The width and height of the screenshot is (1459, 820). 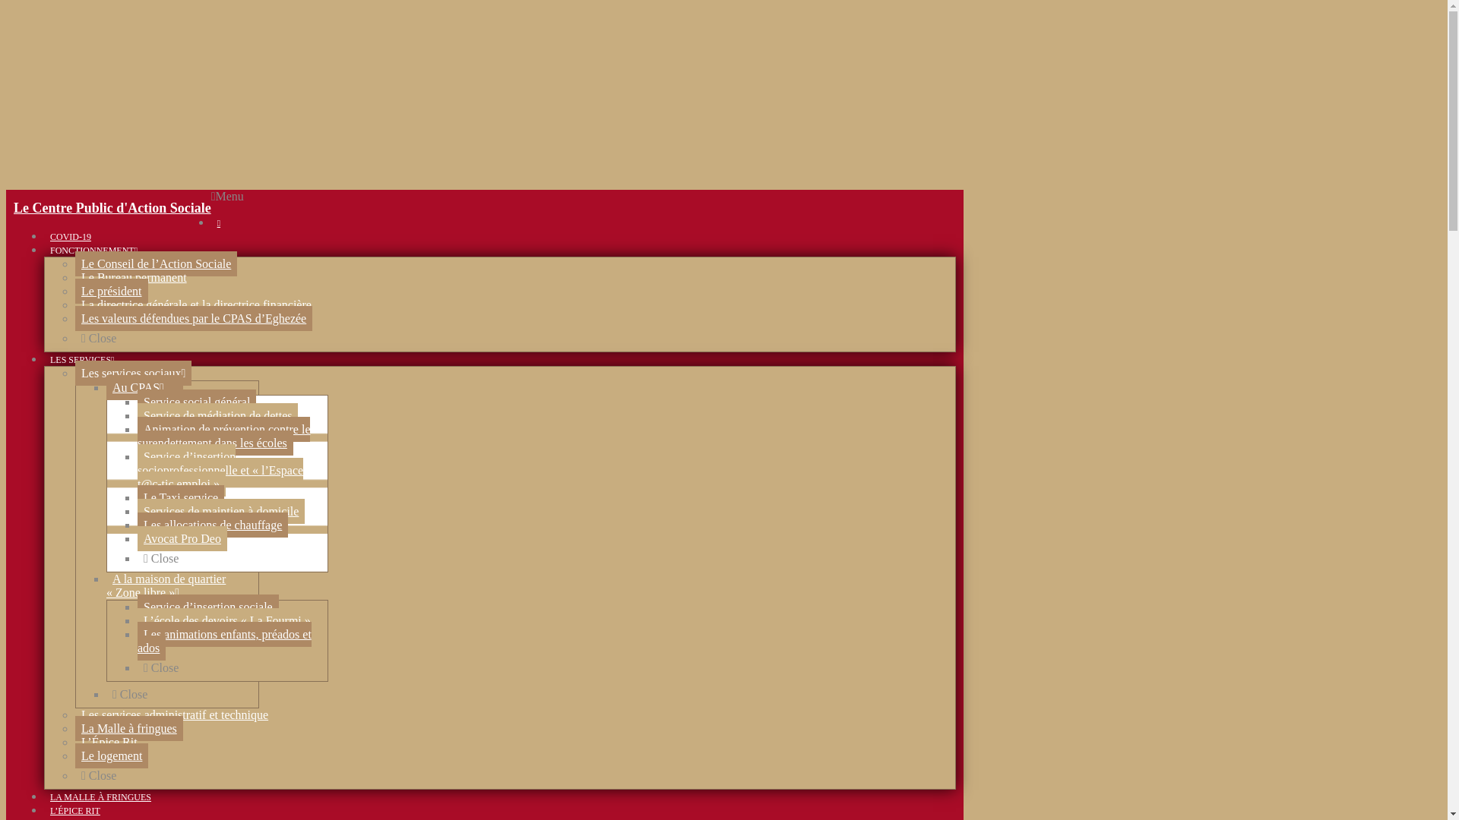 I want to click on 'Le logement', so click(x=111, y=755).